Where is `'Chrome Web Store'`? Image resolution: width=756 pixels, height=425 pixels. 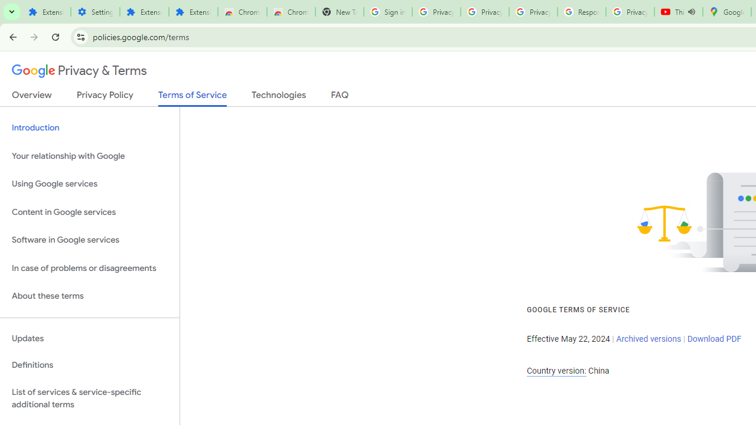
'Chrome Web Store' is located at coordinates (242, 12).